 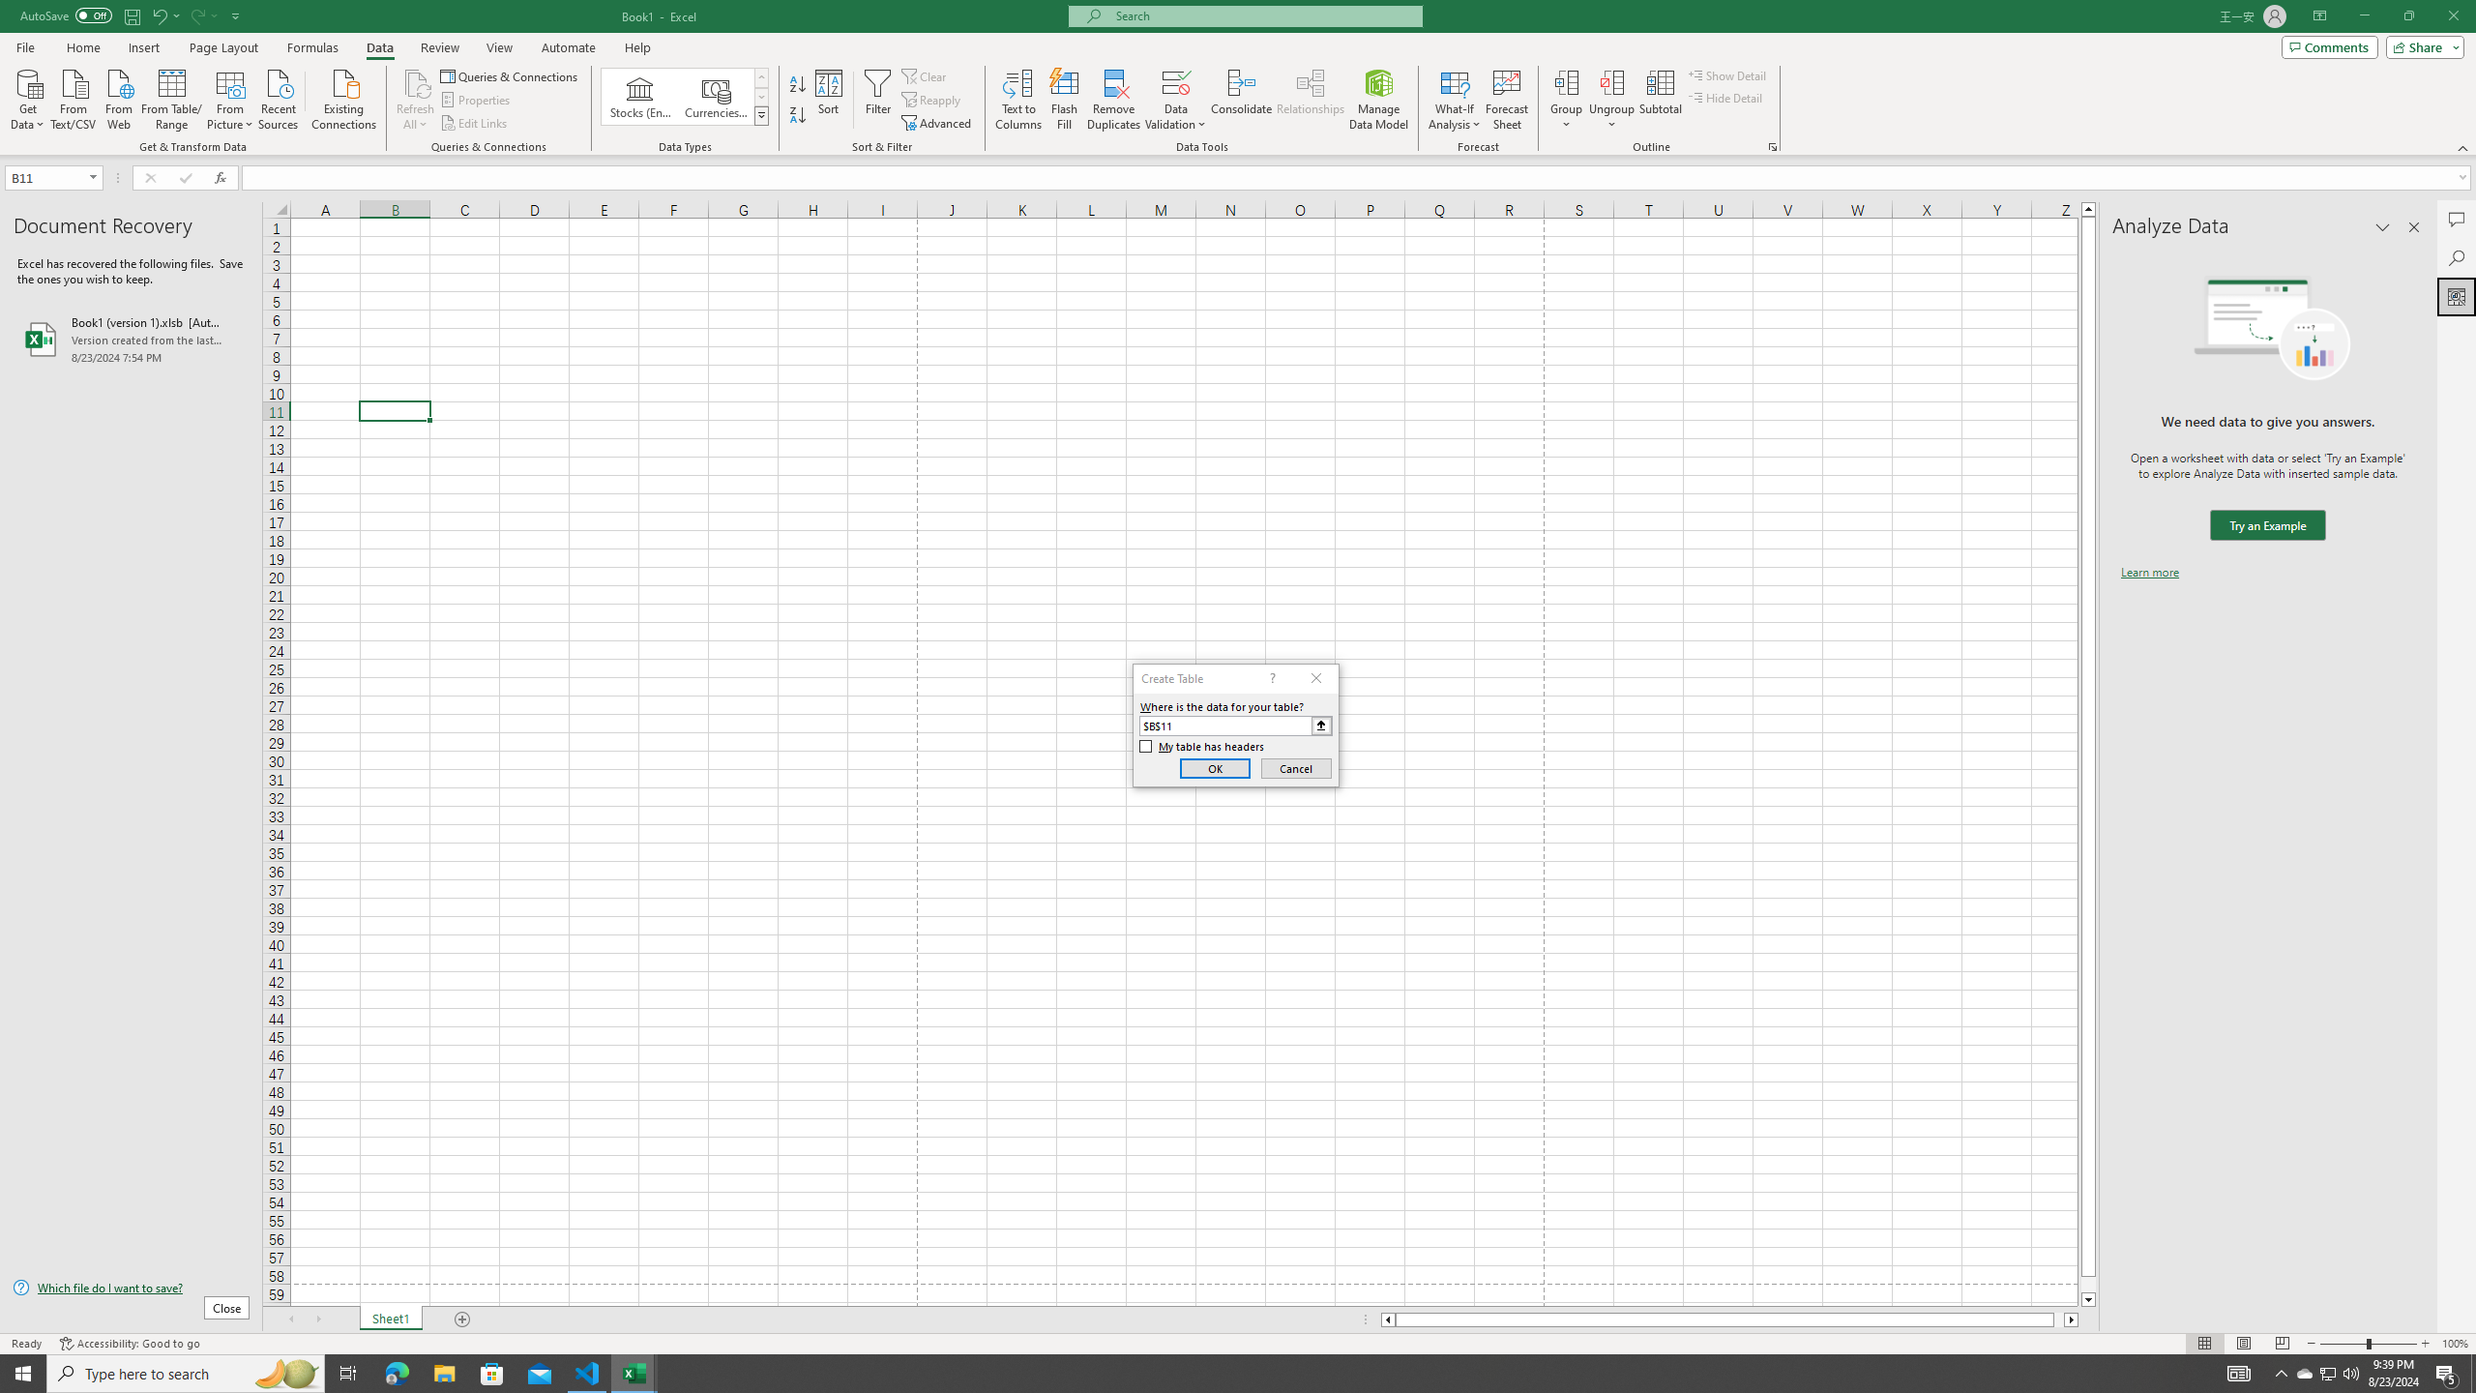 What do you see at coordinates (2456, 258) in the screenshot?
I see `'Search'` at bounding box center [2456, 258].